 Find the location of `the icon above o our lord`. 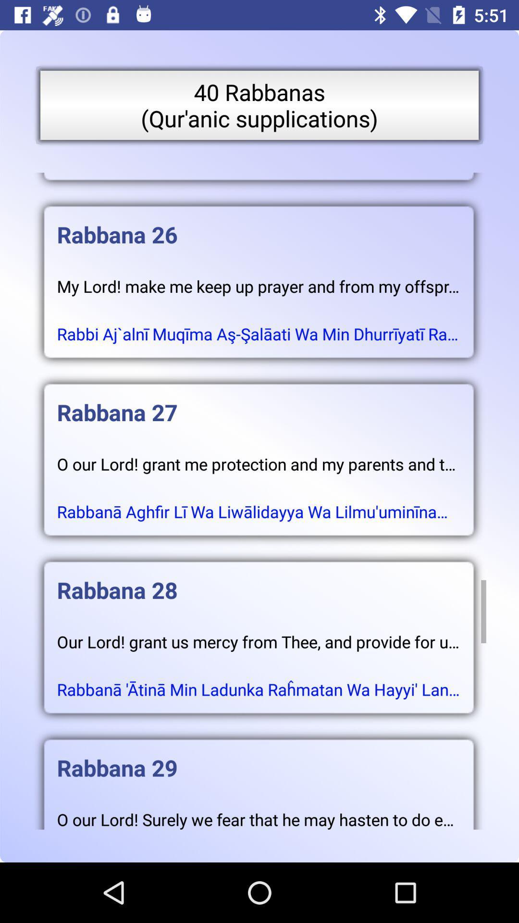

the icon above o our lord is located at coordinates (258, 403).